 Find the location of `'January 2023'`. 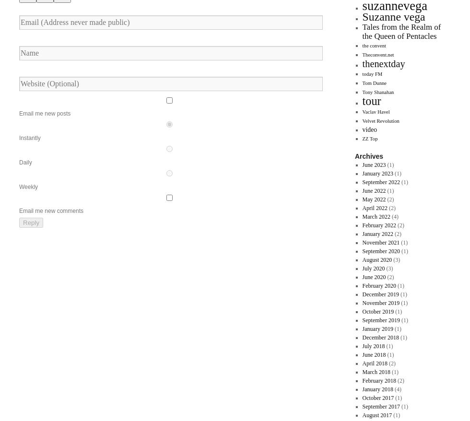

'January 2023' is located at coordinates (377, 173).